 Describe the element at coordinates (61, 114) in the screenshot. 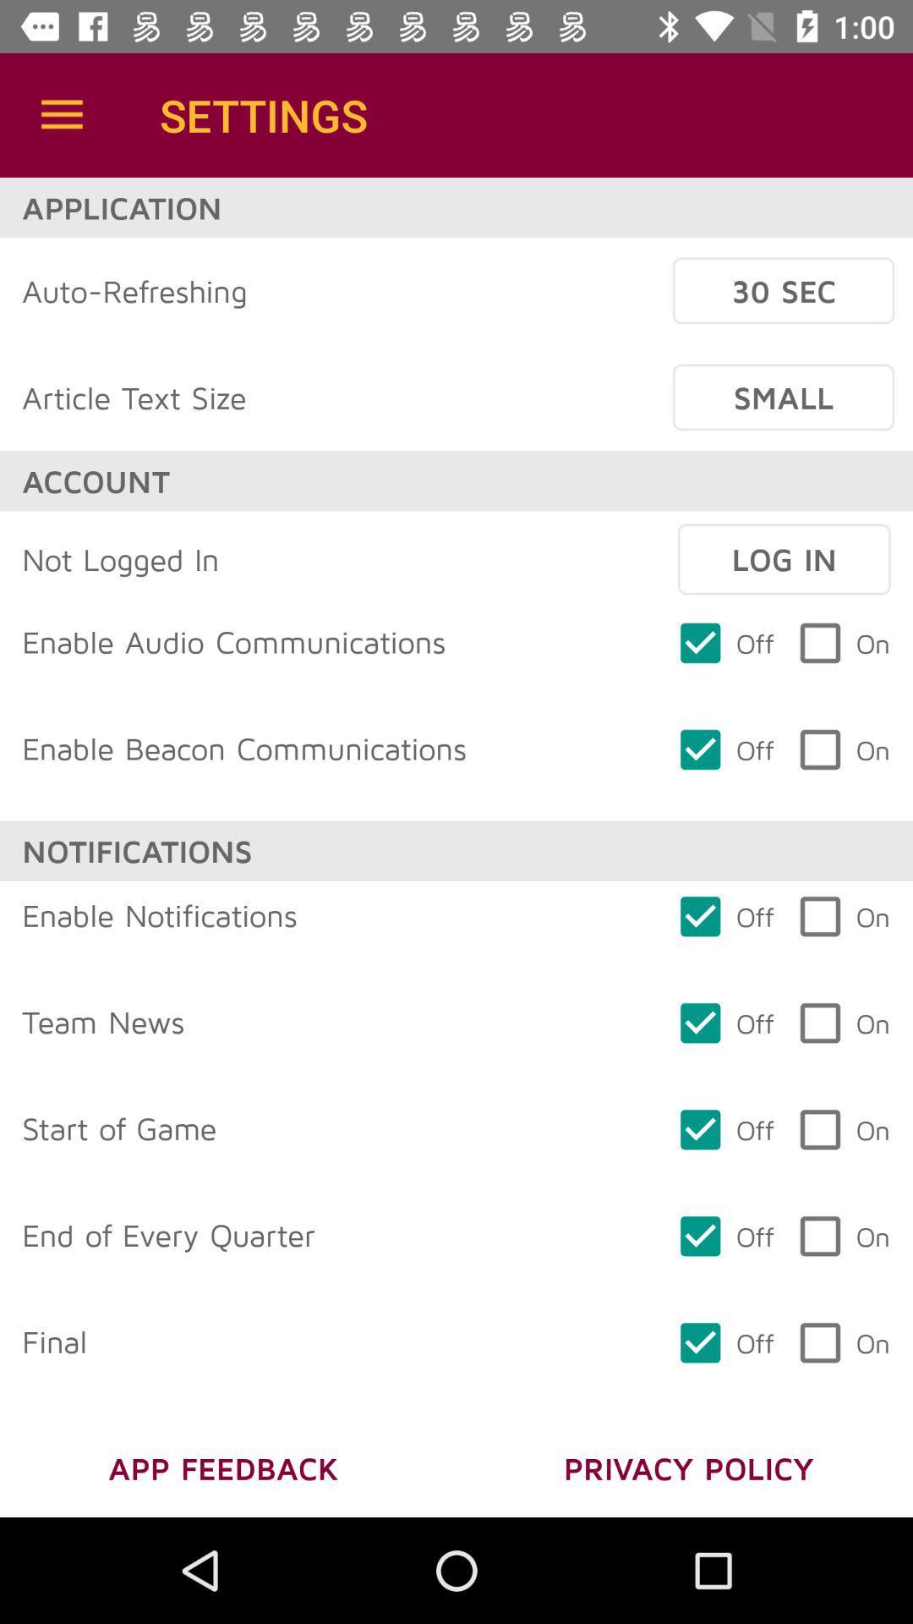

I see `the item to the left of settings item` at that location.